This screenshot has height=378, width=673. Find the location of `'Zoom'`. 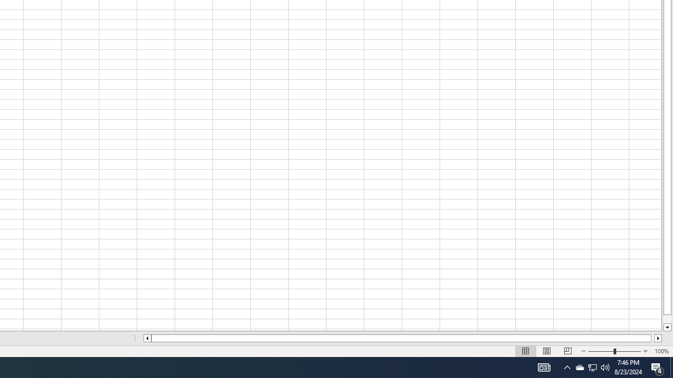

'Zoom' is located at coordinates (614, 351).